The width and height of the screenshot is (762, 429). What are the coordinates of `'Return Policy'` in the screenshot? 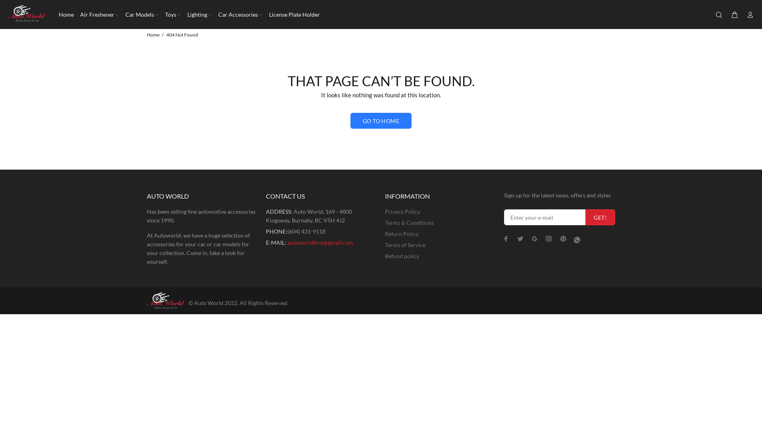 It's located at (402, 234).